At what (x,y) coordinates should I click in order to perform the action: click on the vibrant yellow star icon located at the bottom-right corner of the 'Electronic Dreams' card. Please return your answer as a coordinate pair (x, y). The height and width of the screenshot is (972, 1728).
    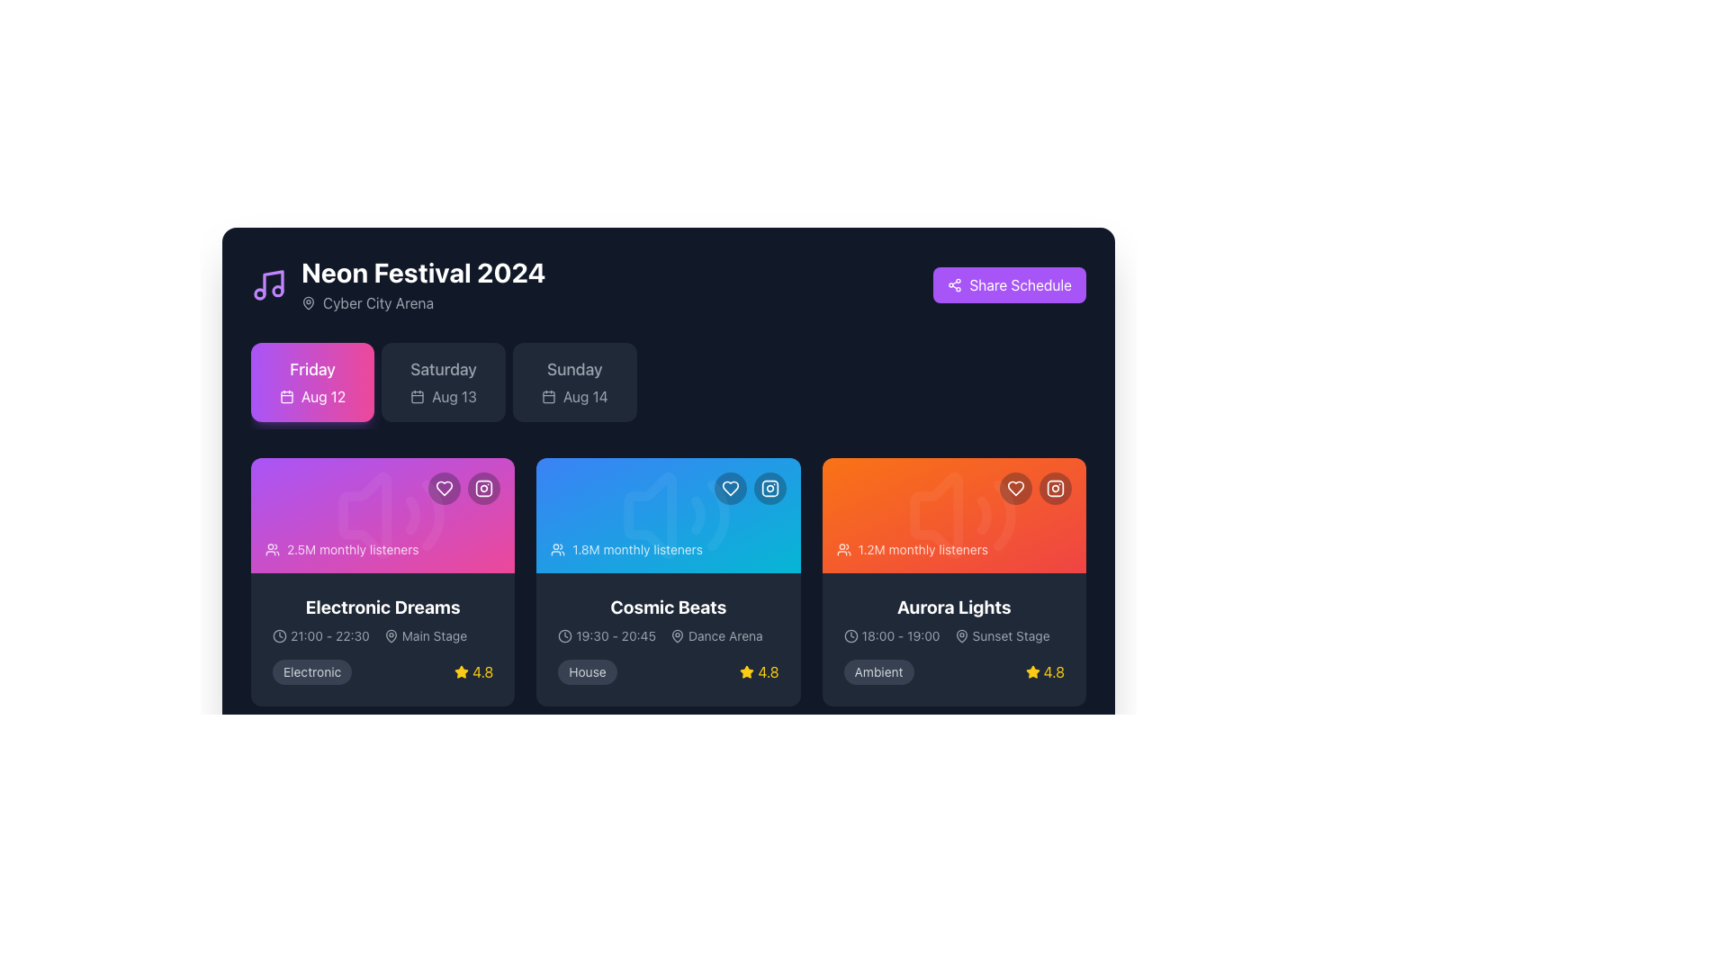
    Looking at the image, I should click on (462, 672).